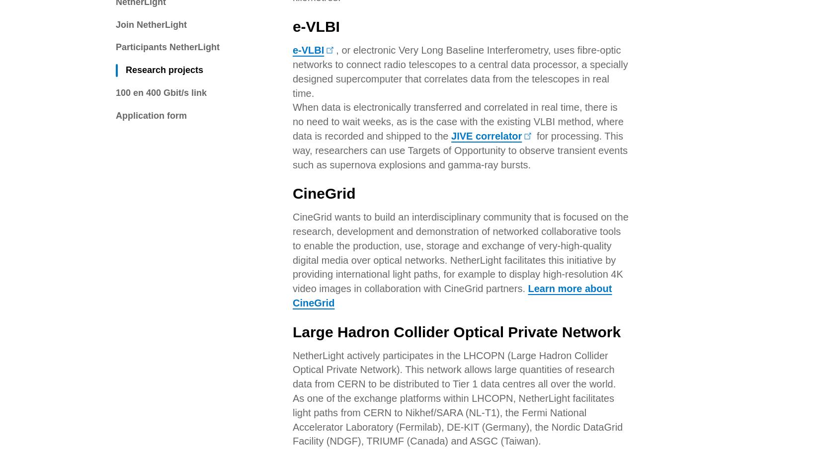 The width and height of the screenshot is (820, 452). What do you see at coordinates (374, 151) in the screenshot?
I see `'Alexander van den Hil'` at bounding box center [374, 151].